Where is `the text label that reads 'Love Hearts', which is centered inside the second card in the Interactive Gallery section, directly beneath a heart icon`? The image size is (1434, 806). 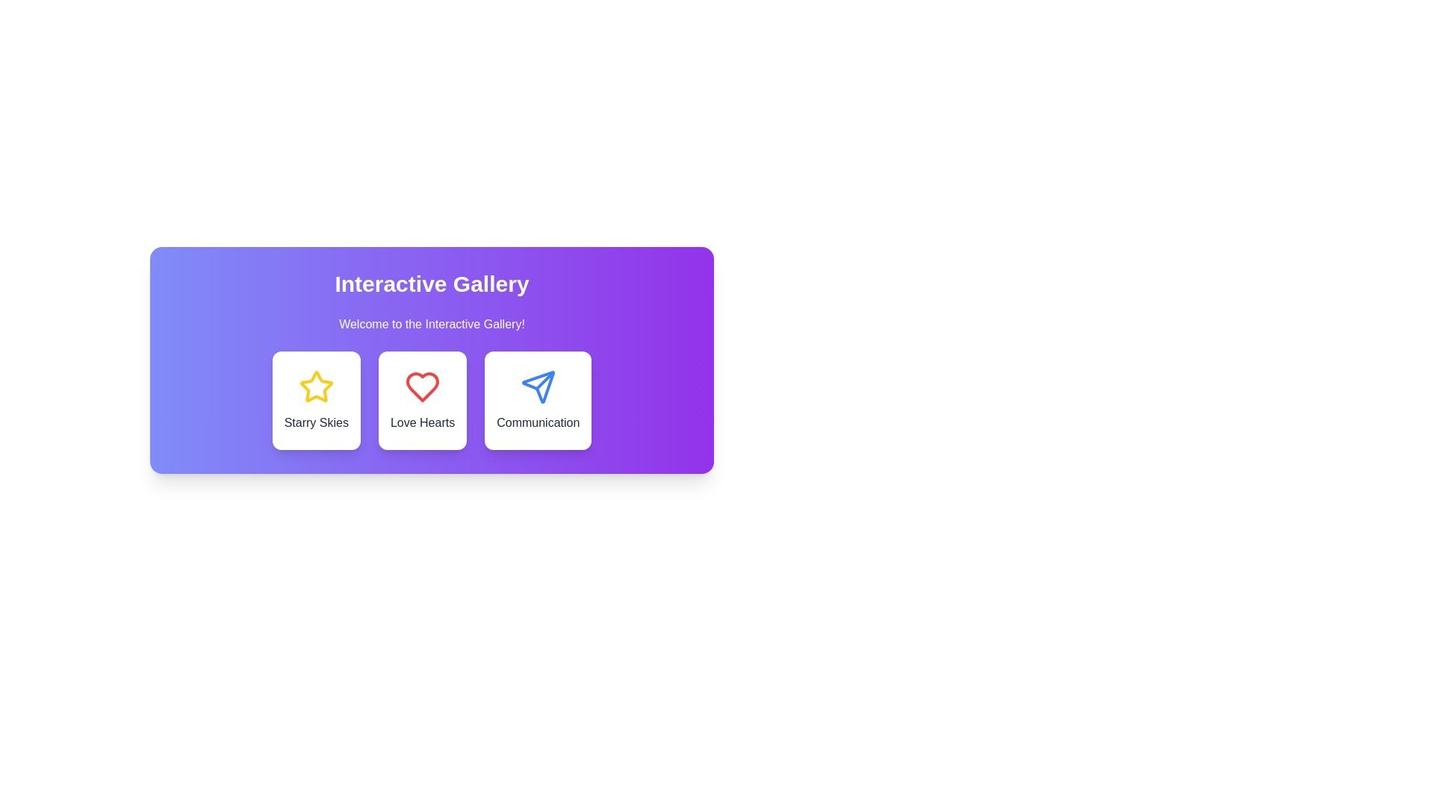
the text label that reads 'Love Hearts', which is centered inside the second card in the Interactive Gallery section, directly beneath a heart icon is located at coordinates (422, 423).